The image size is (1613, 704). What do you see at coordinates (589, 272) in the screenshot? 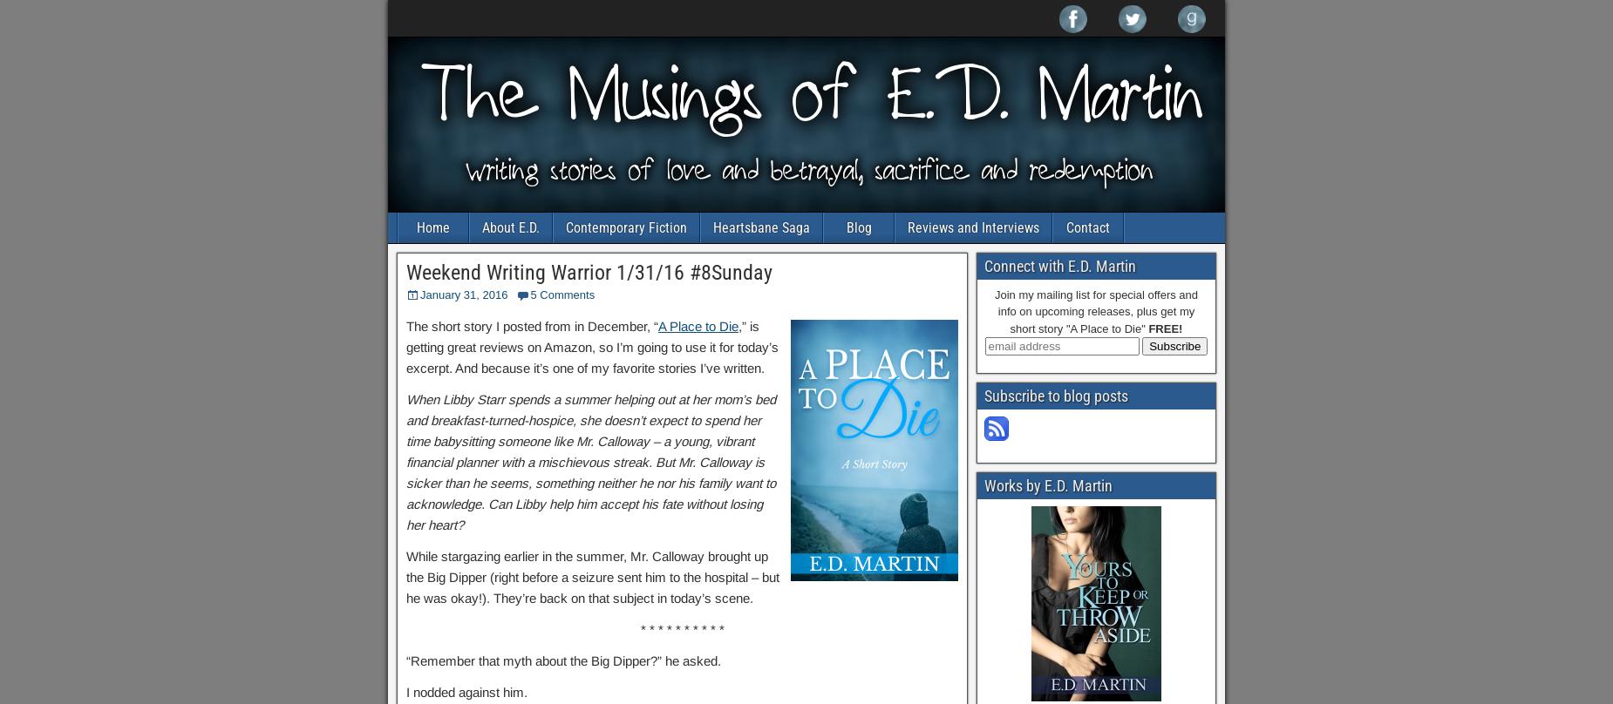
I see `'Weekend Writing Warrior 1/31/16 #8Sunday'` at bounding box center [589, 272].